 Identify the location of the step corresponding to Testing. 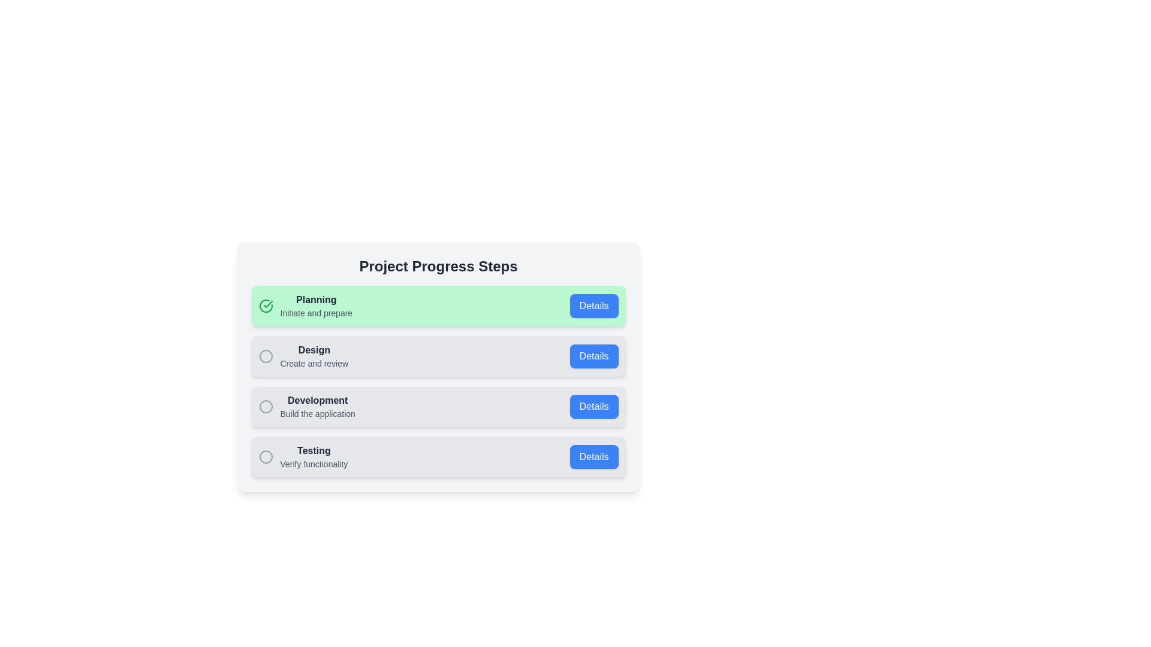
(438, 457).